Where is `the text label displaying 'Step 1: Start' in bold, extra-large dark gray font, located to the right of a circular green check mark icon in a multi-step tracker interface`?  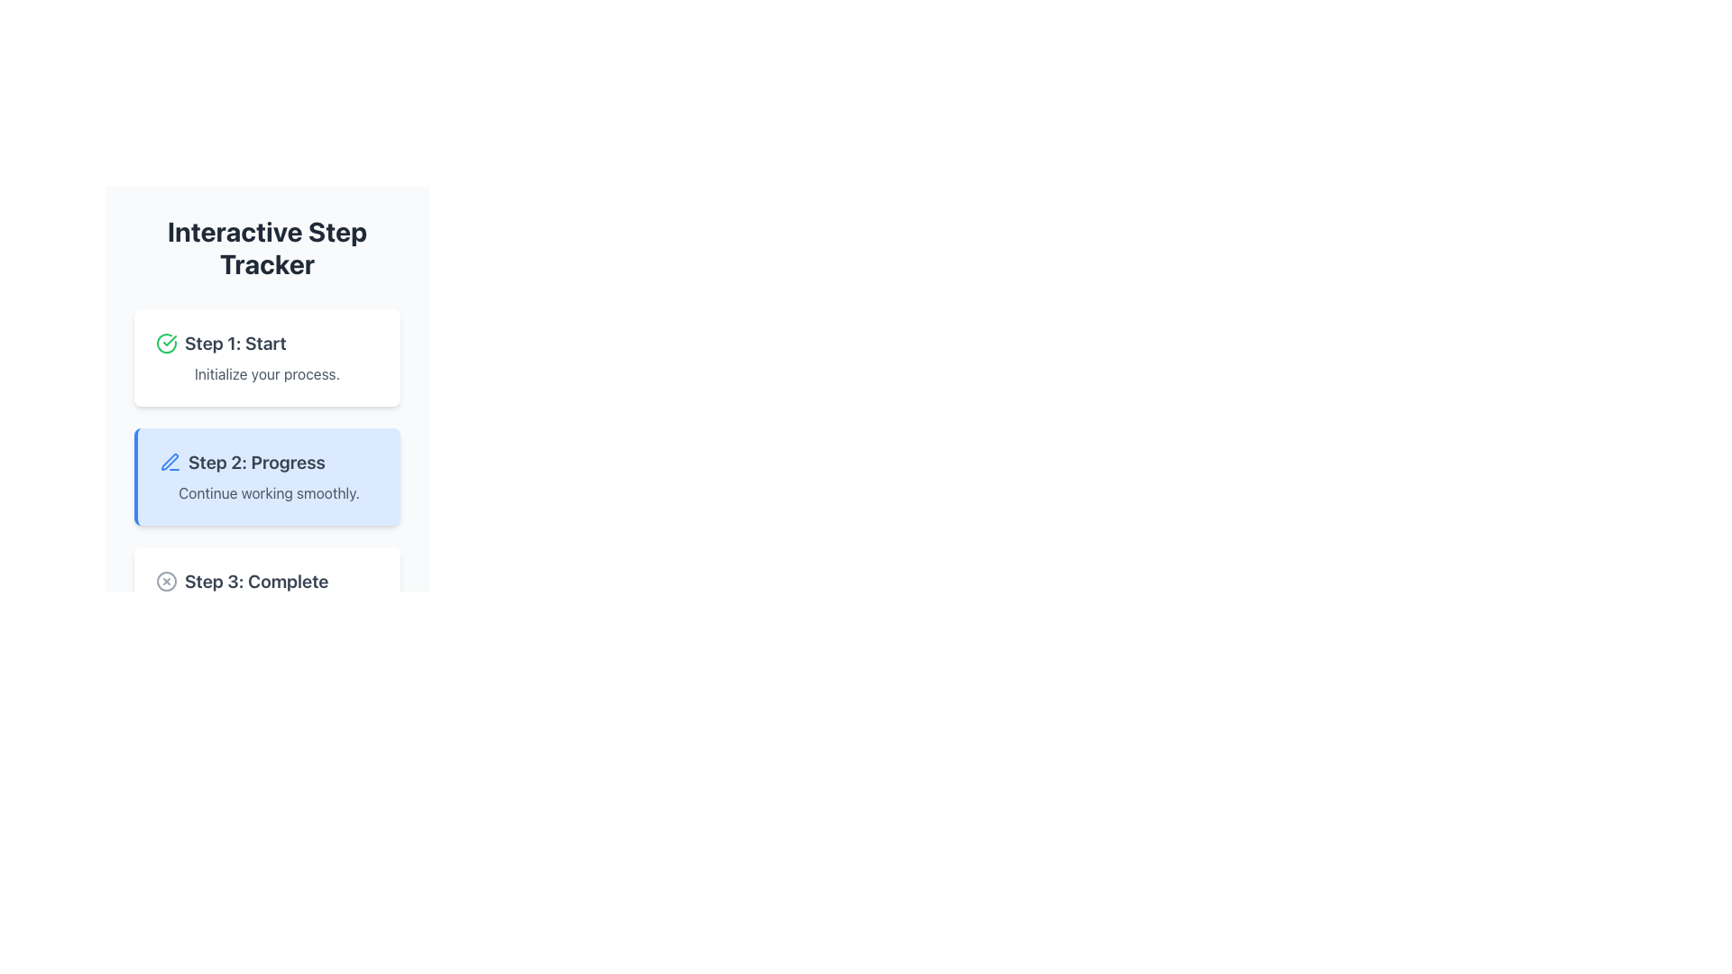 the text label displaying 'Step 1: Start' in bold, extra-large dark gray font, located to the right of a circular green check mark icon in a multi-step tracker interface is located at coordinates (235, 344).